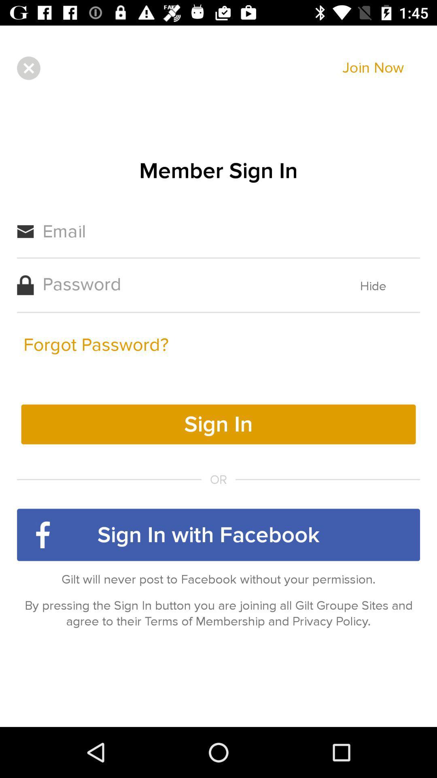 This screenshot has width=437, height=778. Describe the element at coordinates (95, 345) in the screenshot. I see `icon next to the hide item` at that location.